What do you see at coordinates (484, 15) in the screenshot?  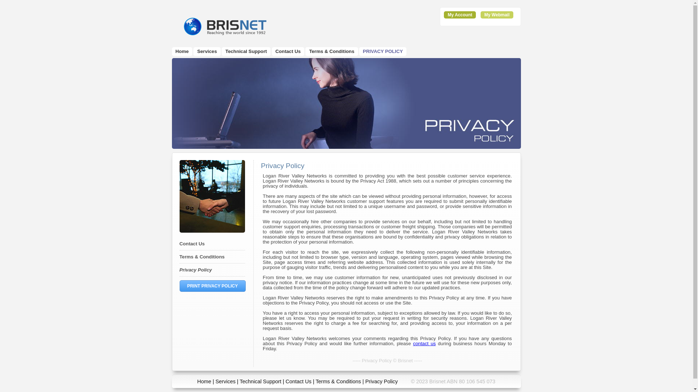 I see `'My Webmail'` at bounding box center [484, 15].